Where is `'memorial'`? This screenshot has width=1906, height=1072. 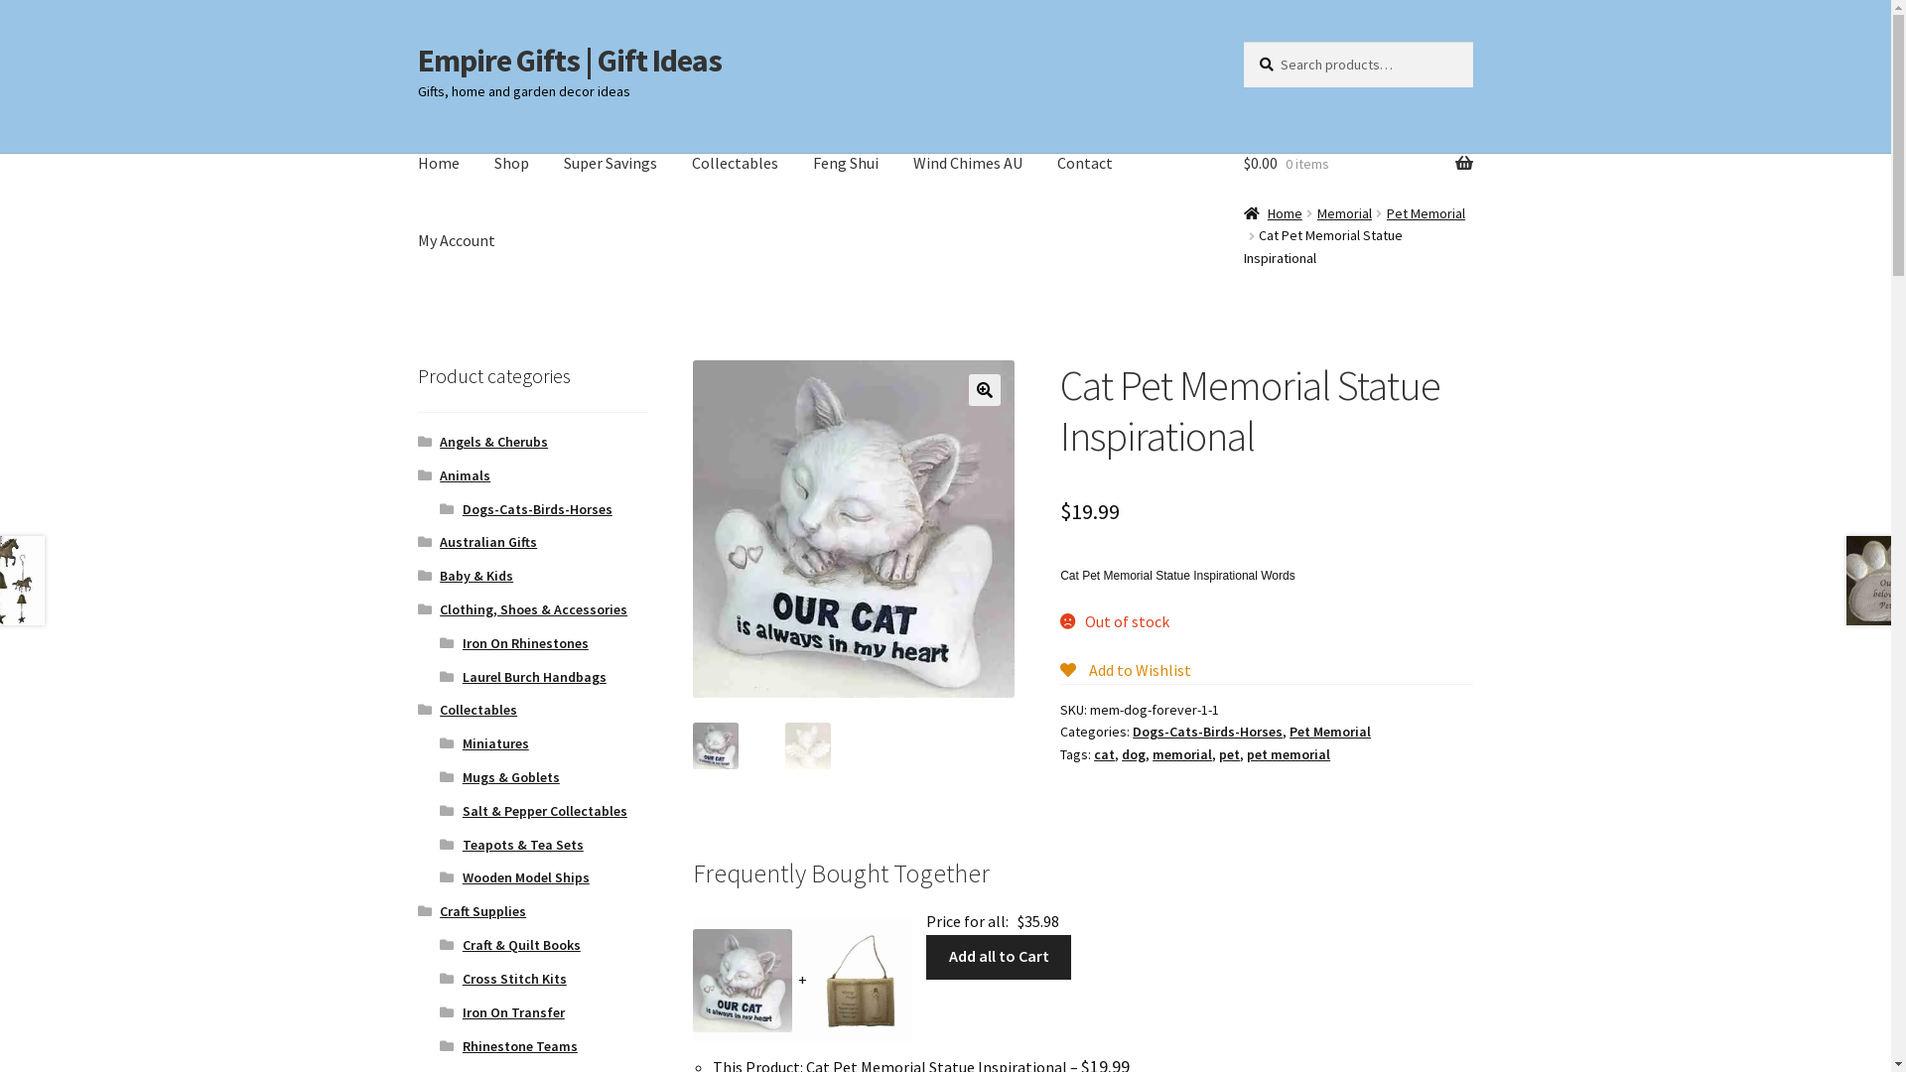 'memorial' is located at coordinates (1181, 753).